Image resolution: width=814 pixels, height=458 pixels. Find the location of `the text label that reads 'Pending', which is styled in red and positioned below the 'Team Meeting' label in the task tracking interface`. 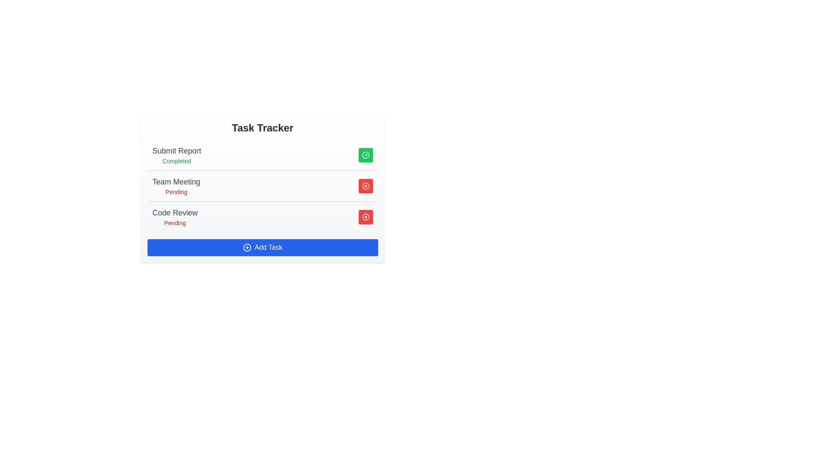

the text label that reads 'Pending', which is styled in red and positioned below the 'Team Meeting' label in the task tracking interface is located at coordinates (176, 192).